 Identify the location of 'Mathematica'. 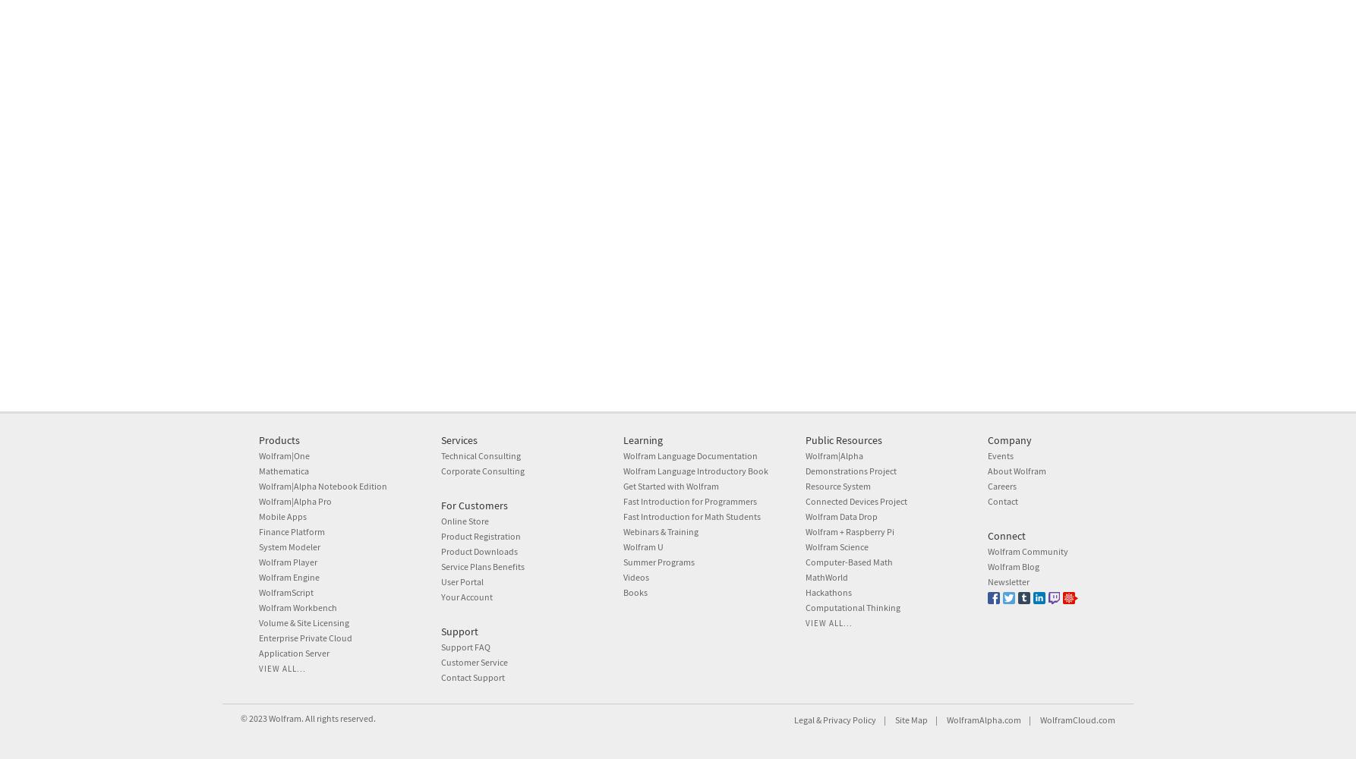
(258, 470).